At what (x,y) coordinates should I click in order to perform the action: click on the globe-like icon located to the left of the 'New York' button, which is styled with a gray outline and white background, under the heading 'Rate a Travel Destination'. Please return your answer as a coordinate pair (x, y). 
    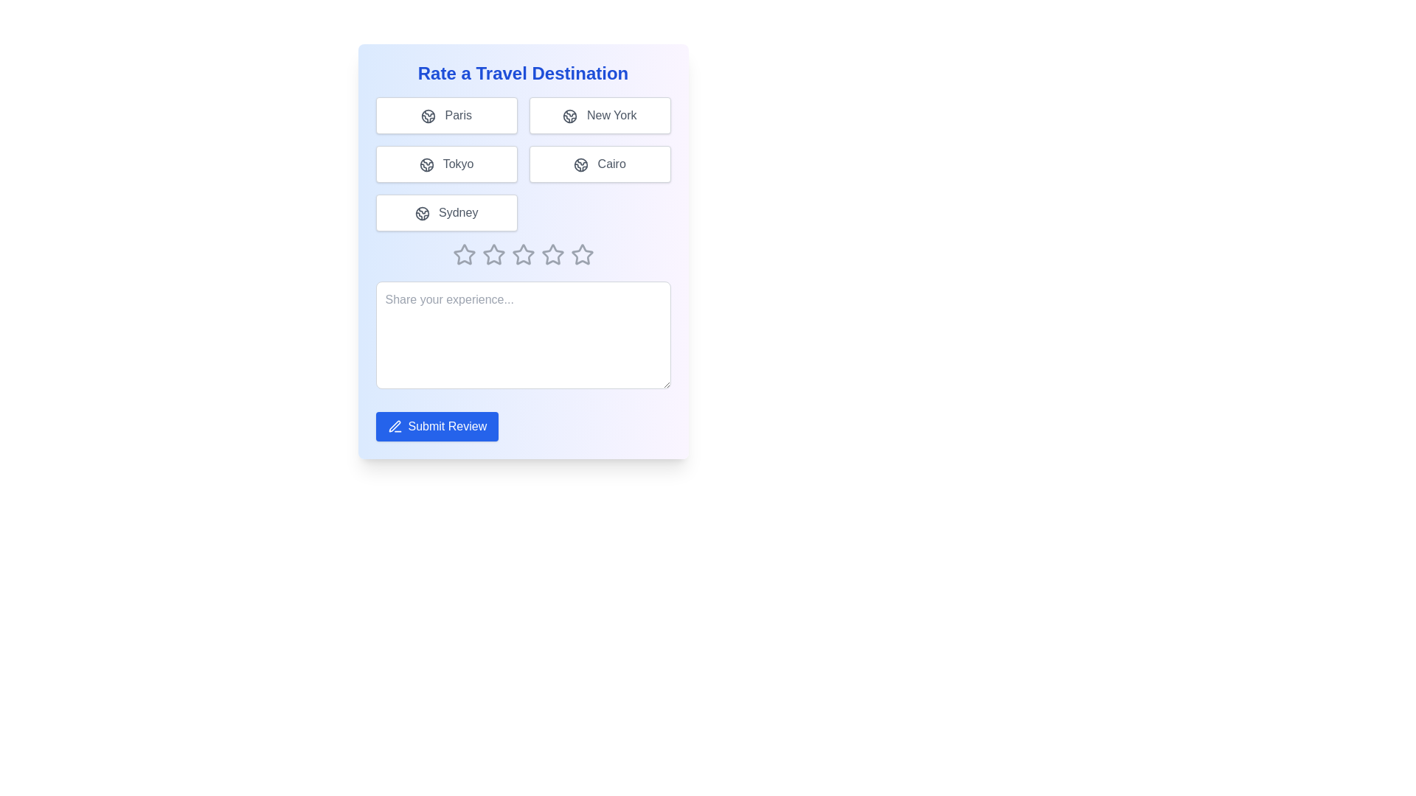
    Looking at the image, I should click on (569, 115).